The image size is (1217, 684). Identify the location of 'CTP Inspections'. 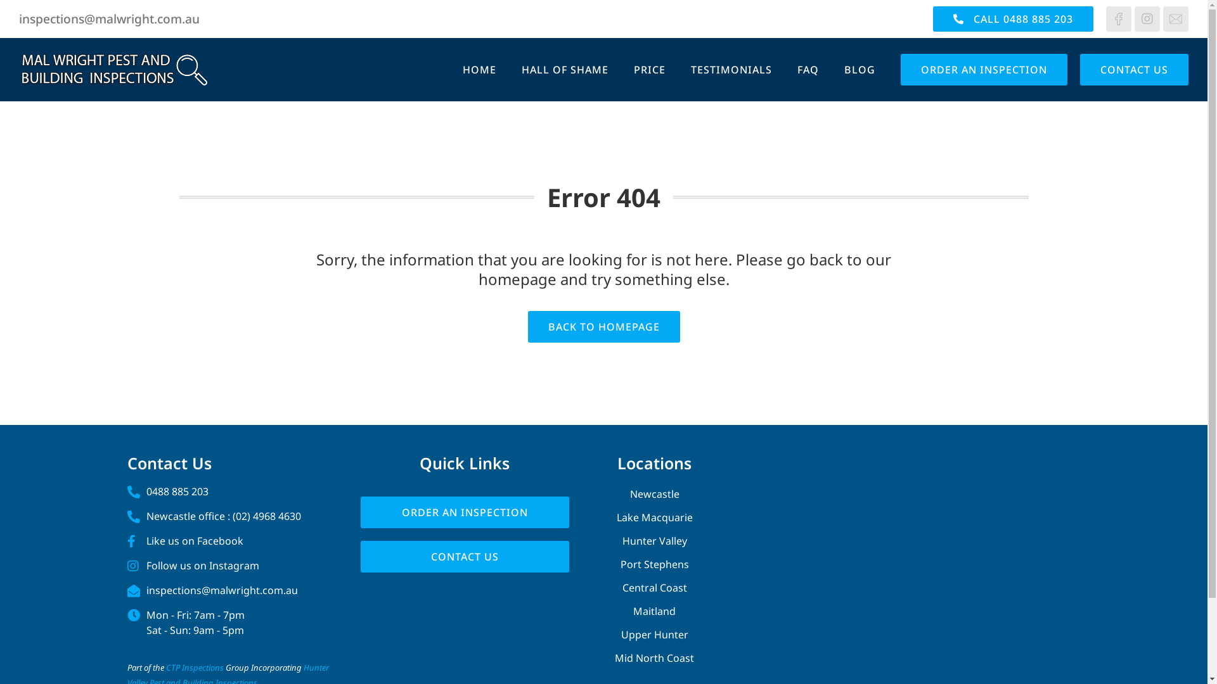
(194, 666).